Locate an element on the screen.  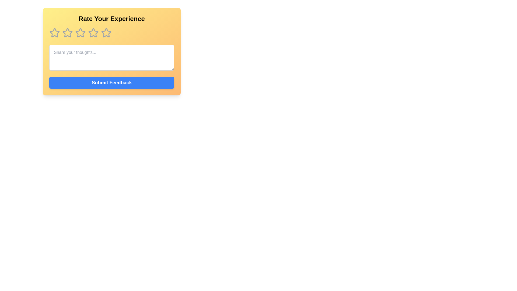
the fifth star is located at coordinates (106, 33).